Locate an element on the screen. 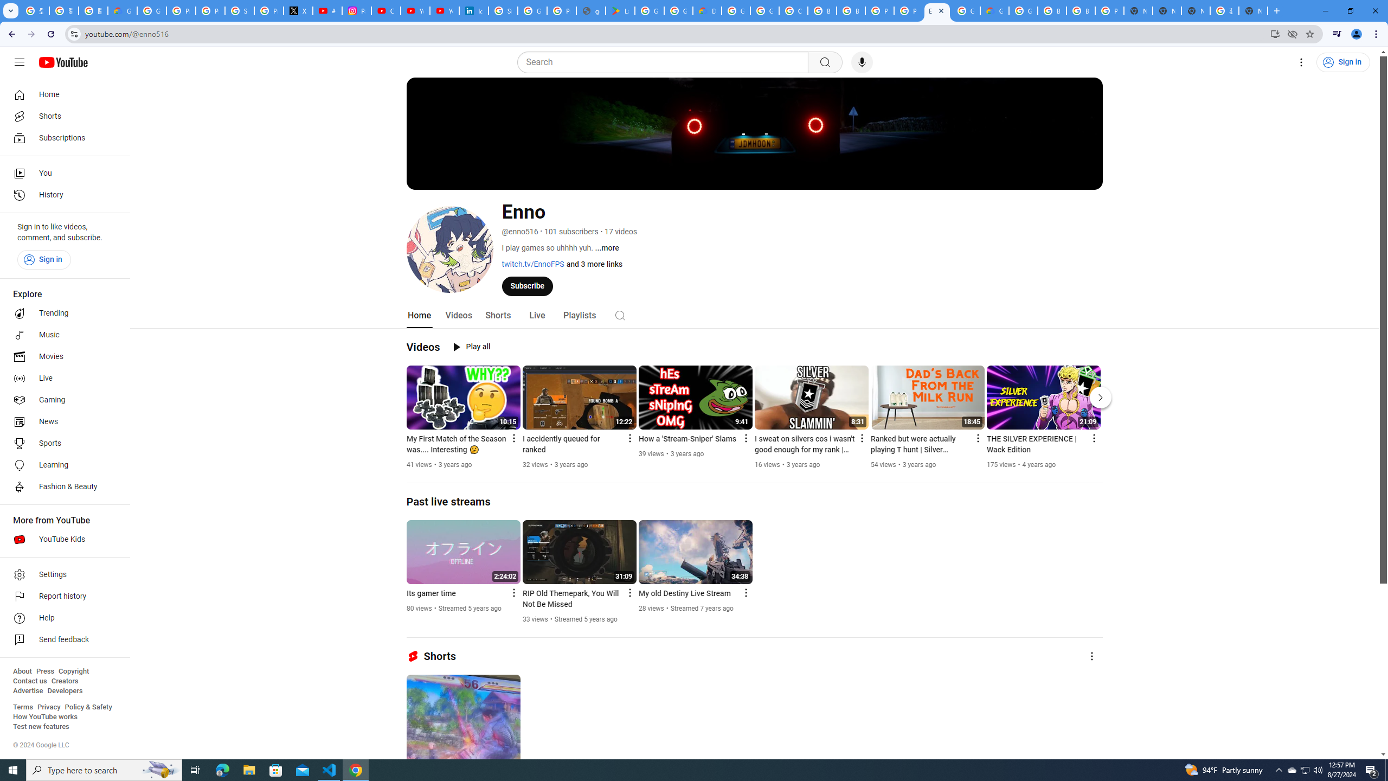  'Learning' is located at coordinates (61, 465).